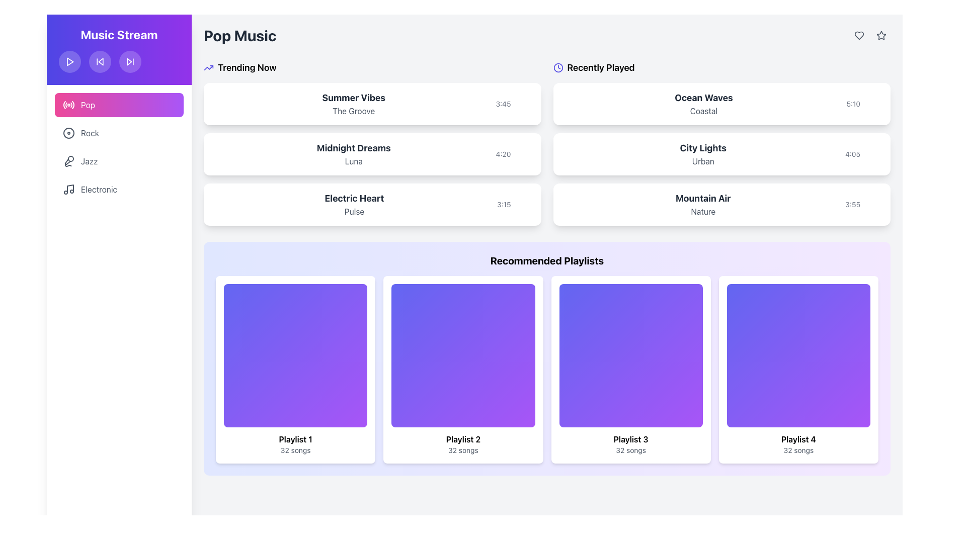  What do you see at coordinates (721, 104) in the screenshot?
I see `the 'Ocean WavesCoastal' card in the 'Recently Played' section to play or view its details` at bounding box center [721, 104].